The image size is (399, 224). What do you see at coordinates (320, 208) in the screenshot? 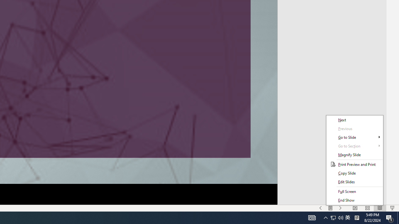
I see `'Slide Show Previous On'` at bounding box center [320, 208].